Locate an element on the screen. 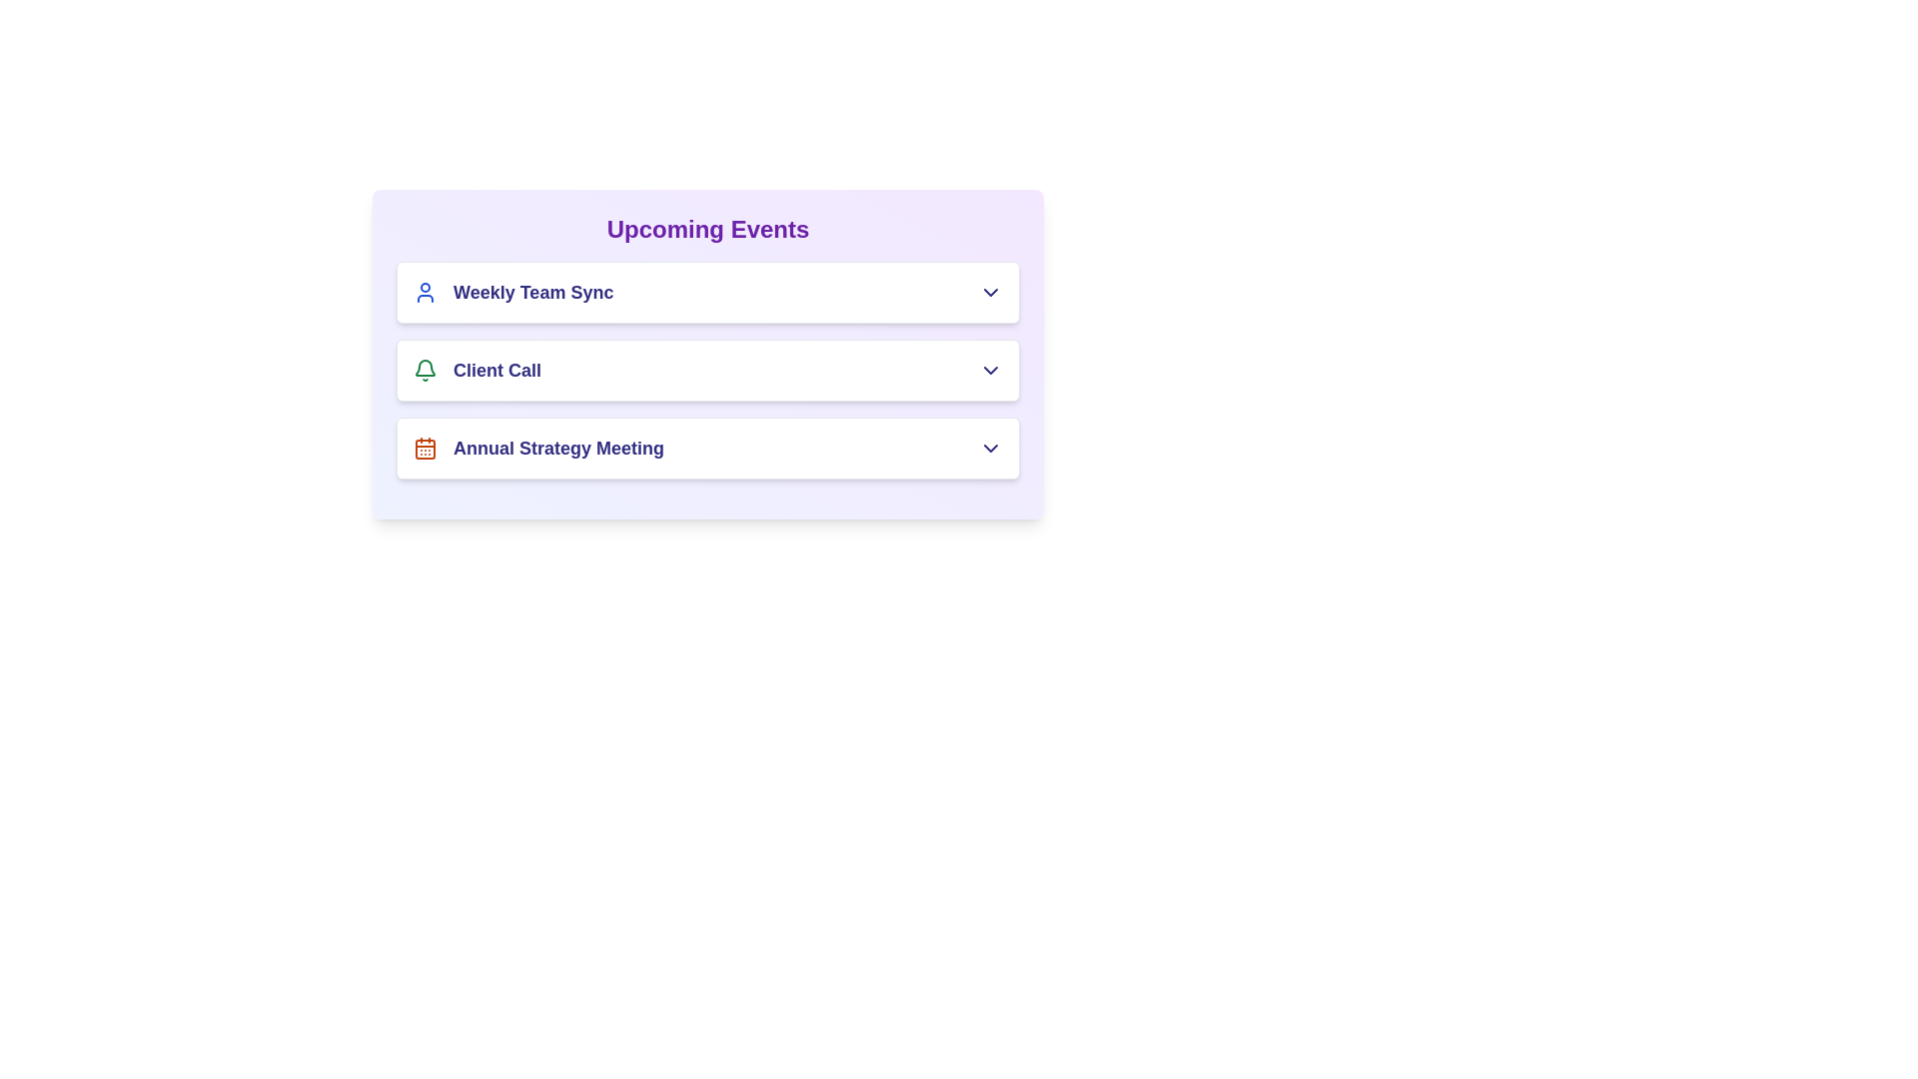  the decorative icon located to the left of the 'Client Call' text label in the 'Upcoming Events' section is located at coordinates (425, 370).